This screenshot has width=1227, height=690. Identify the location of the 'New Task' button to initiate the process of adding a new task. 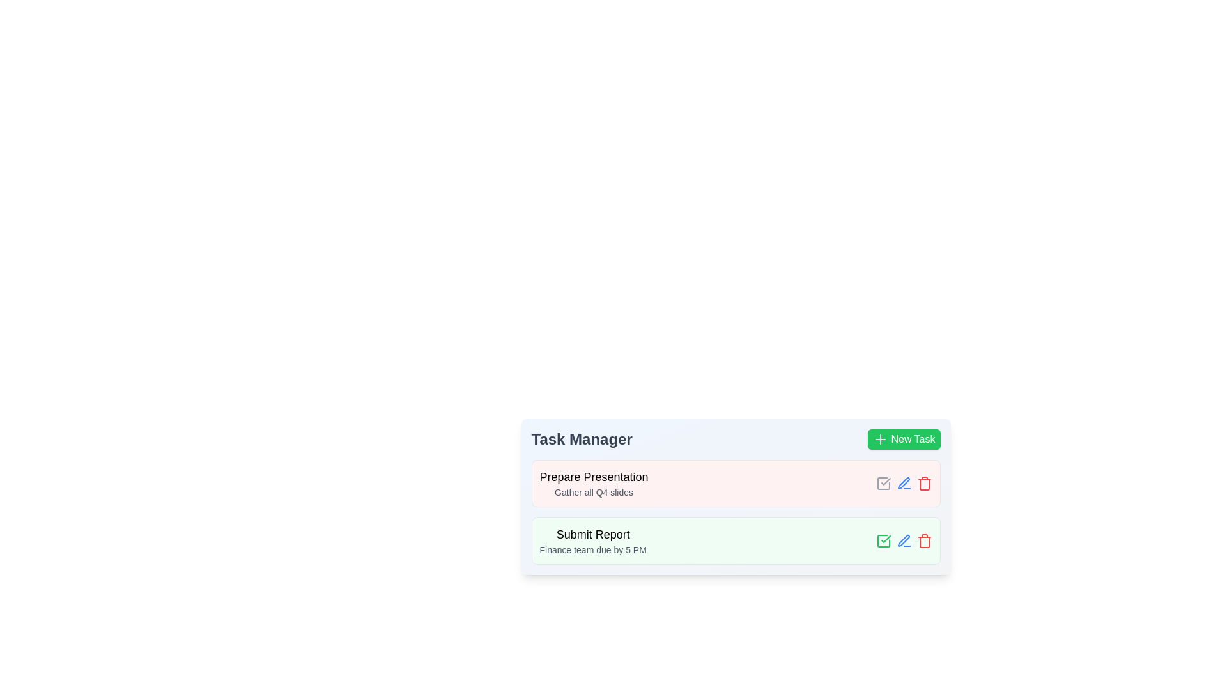
(904, 438).